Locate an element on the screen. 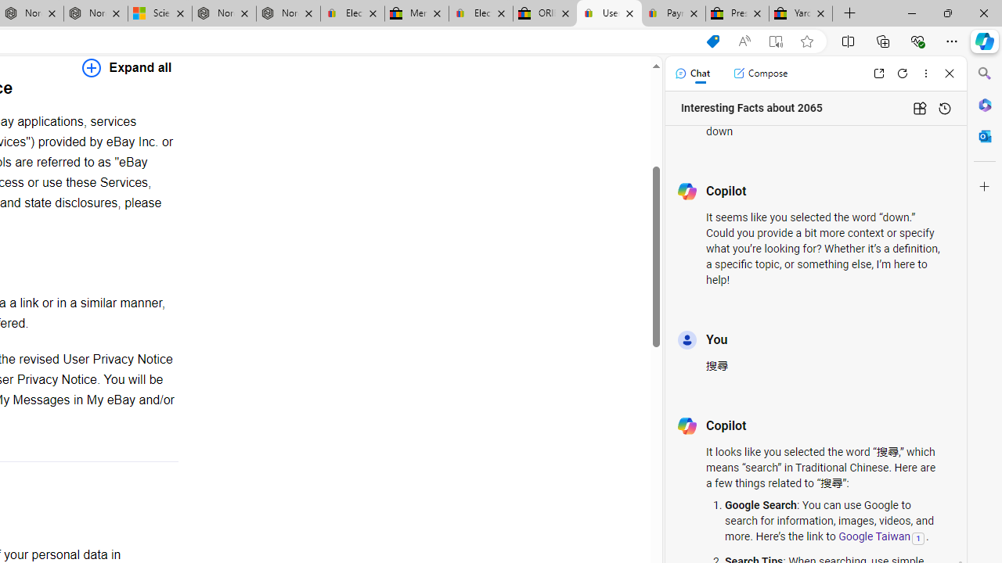 This screenshot has height=563, width=1002. 'Nordace - Summer Adventures 2024' is located at coordinates (223, 13).